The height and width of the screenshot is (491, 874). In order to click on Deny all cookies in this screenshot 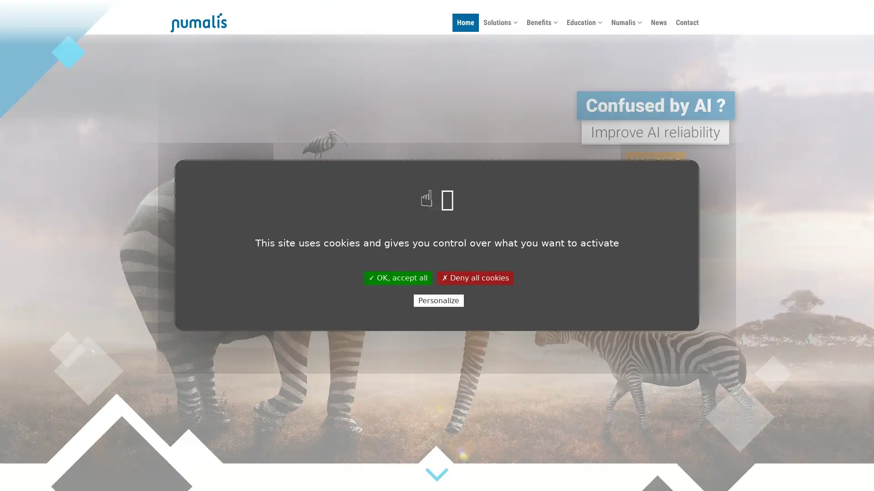, I will do `click(474, 277)`.